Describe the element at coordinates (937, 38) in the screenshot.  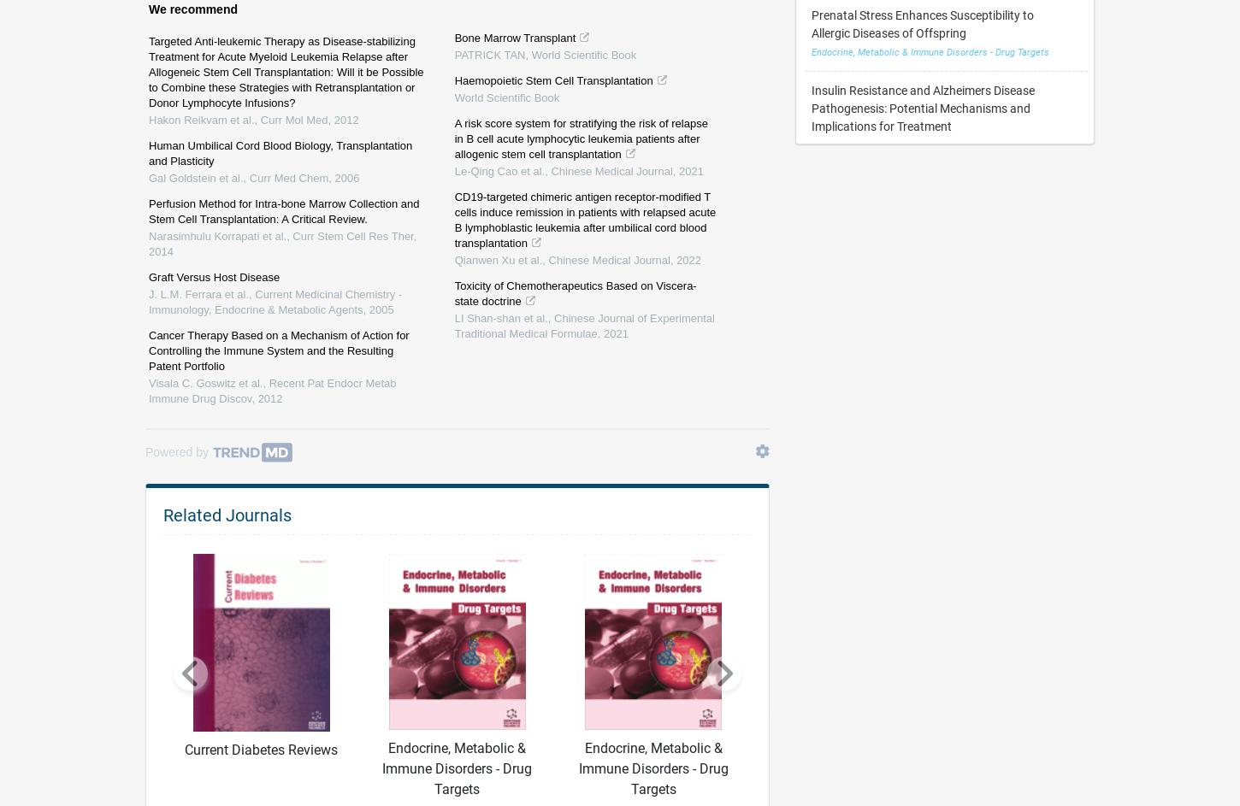
I see `'Cigarette Smoking is Associated with Decreased Bone Gla-protein (BGP) Levels in Hemodialysis Patients'` at that location.